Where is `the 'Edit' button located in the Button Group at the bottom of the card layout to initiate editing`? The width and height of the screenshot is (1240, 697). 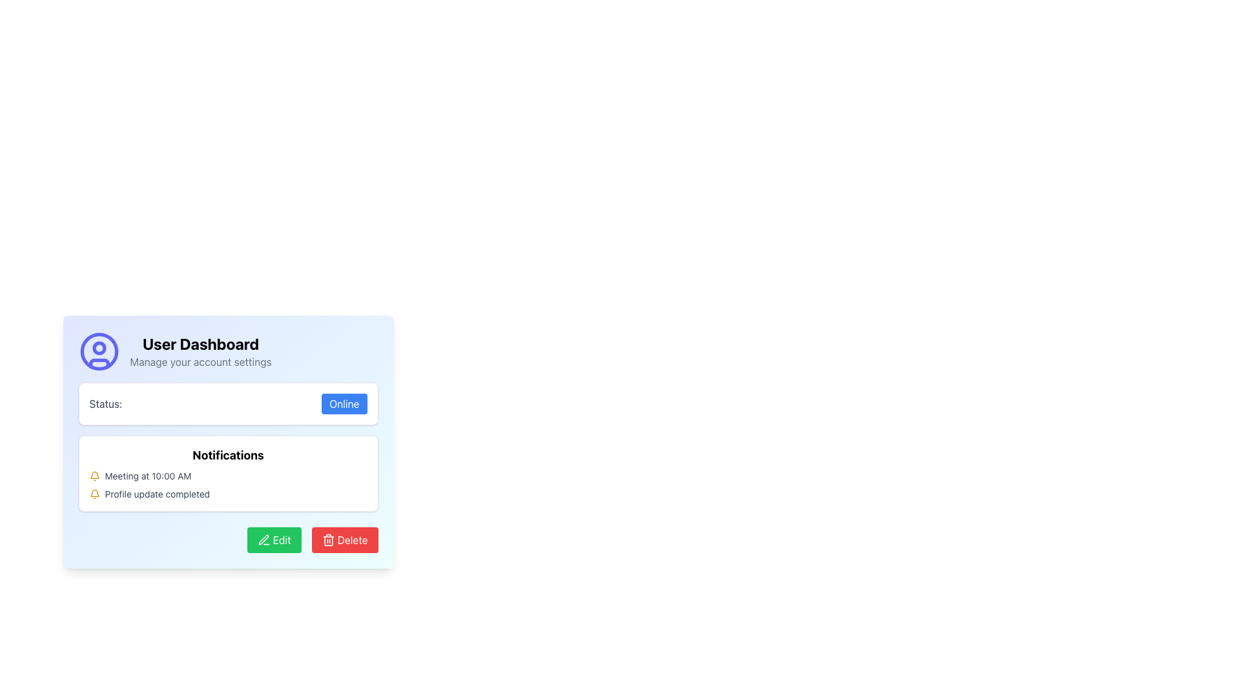 the 'Edit' button located in the Button Group at the bottom of the card layout to initiate editing is located at coordinates (228, 540).